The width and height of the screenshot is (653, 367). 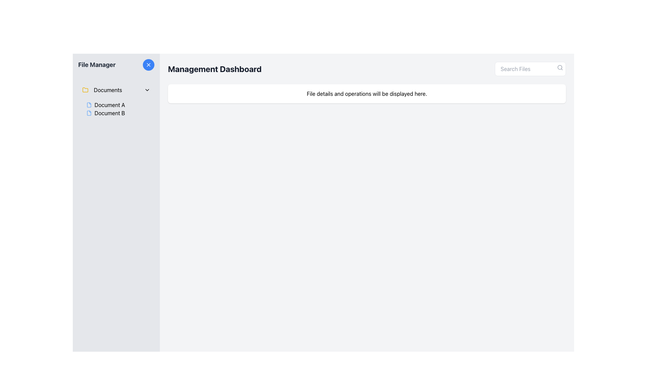 I want to click on the file icon represented by an outlined document shape in light blue color, located in the sidebar next to the label 'Document A', so click(x=89, y=105).